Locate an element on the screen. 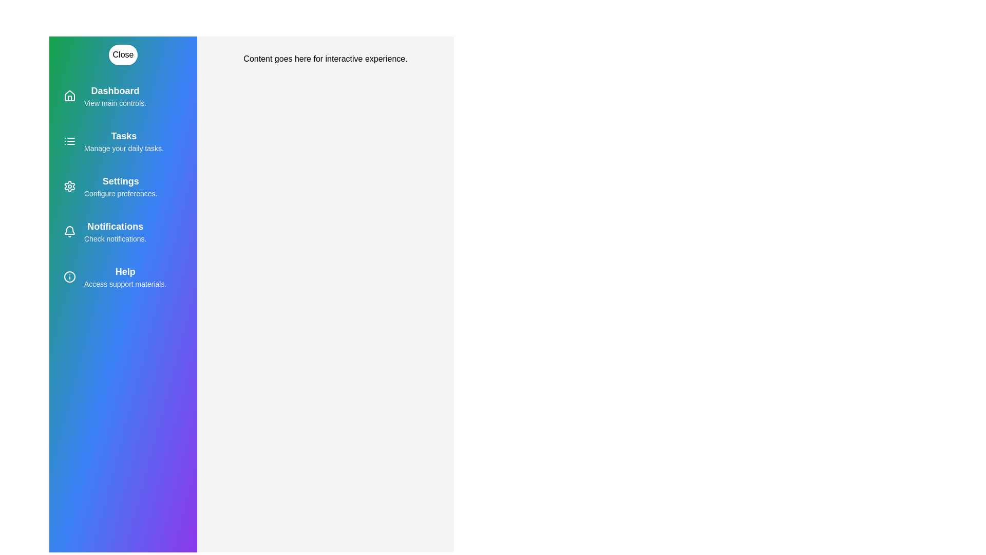  the menu item labeled Dashboard to navigate is located at coordinates (123, 96).